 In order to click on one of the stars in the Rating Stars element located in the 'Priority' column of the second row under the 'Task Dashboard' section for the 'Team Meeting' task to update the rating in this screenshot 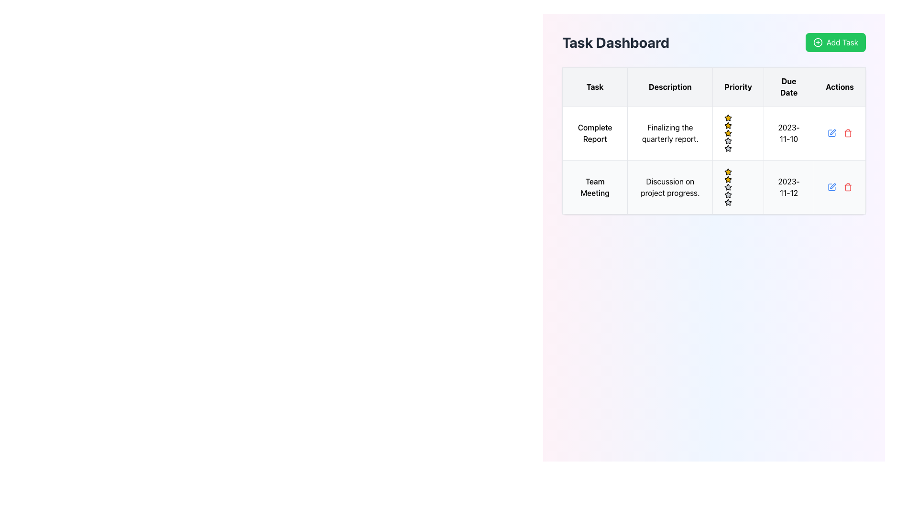, I will do `click(738, 187)`.